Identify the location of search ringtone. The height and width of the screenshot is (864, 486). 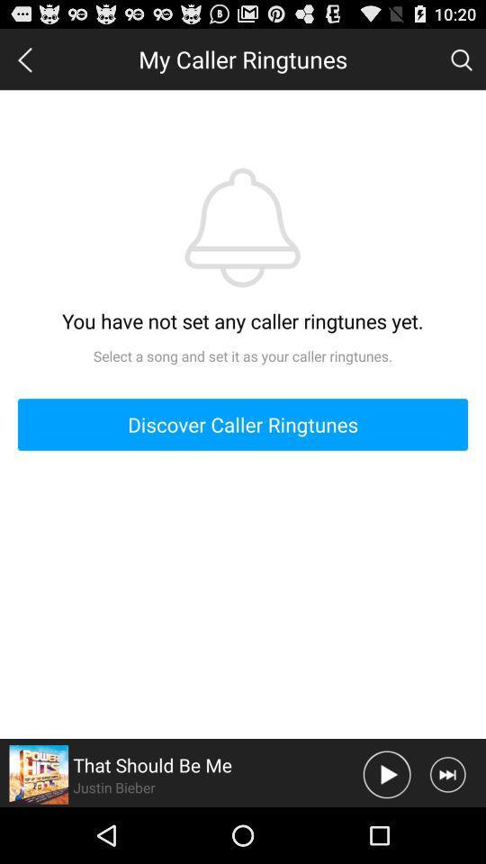
(461, 58).